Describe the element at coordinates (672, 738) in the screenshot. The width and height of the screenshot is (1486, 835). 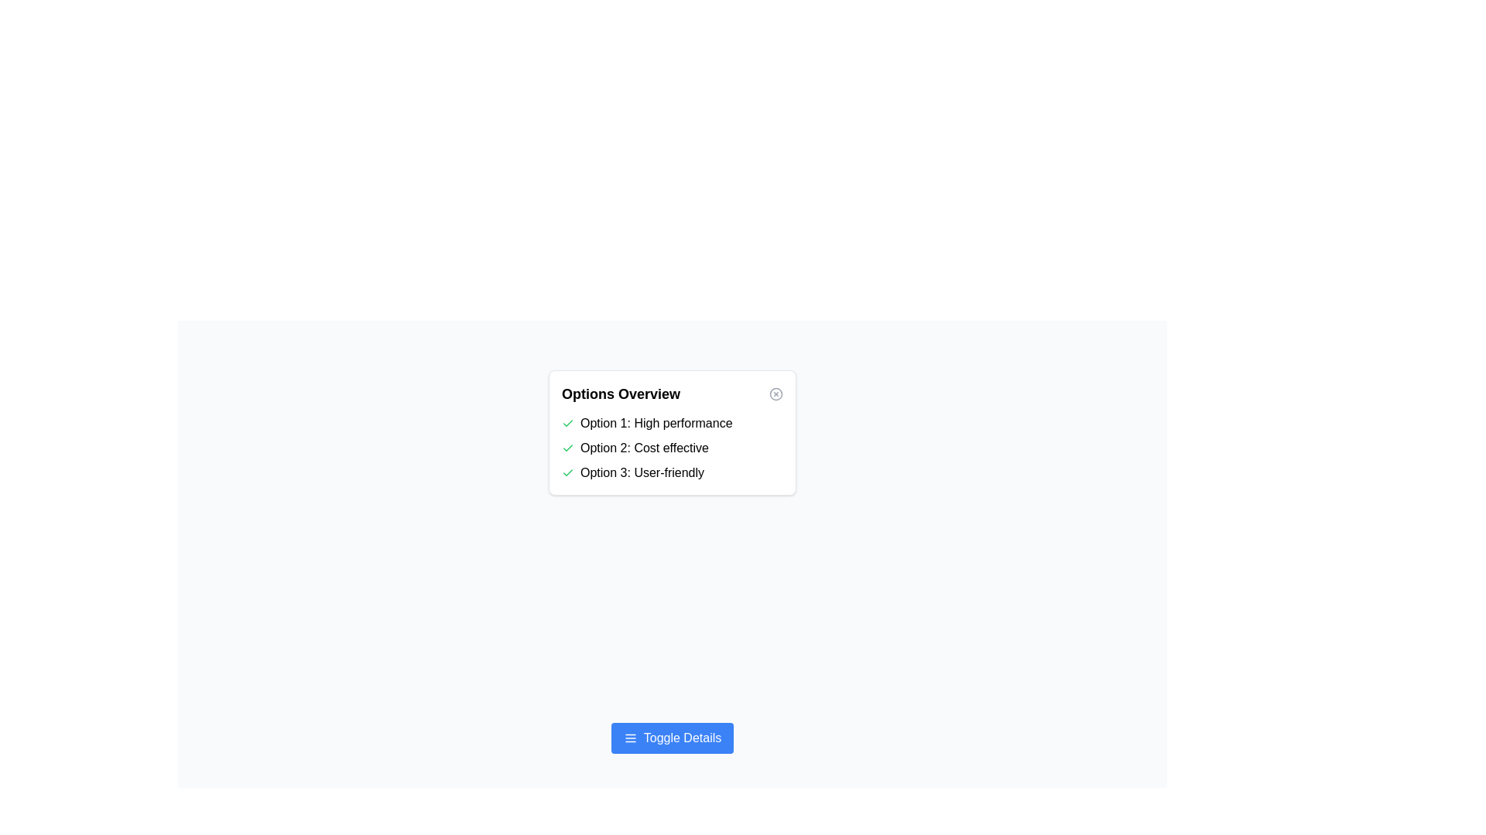
I see `the 'Toggle Details' button, which has a blue background and white text, located at the bottom of the interface beneath the 'Options Overview' card` at that location.